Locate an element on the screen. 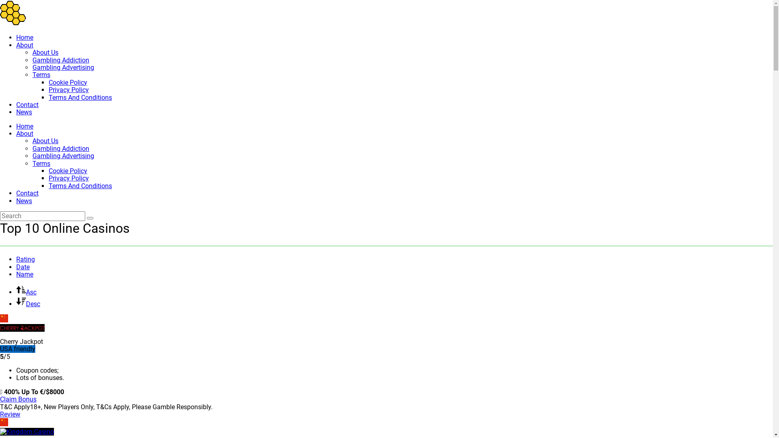  'Gambling Advertising' is located at coordinates (63, 156).